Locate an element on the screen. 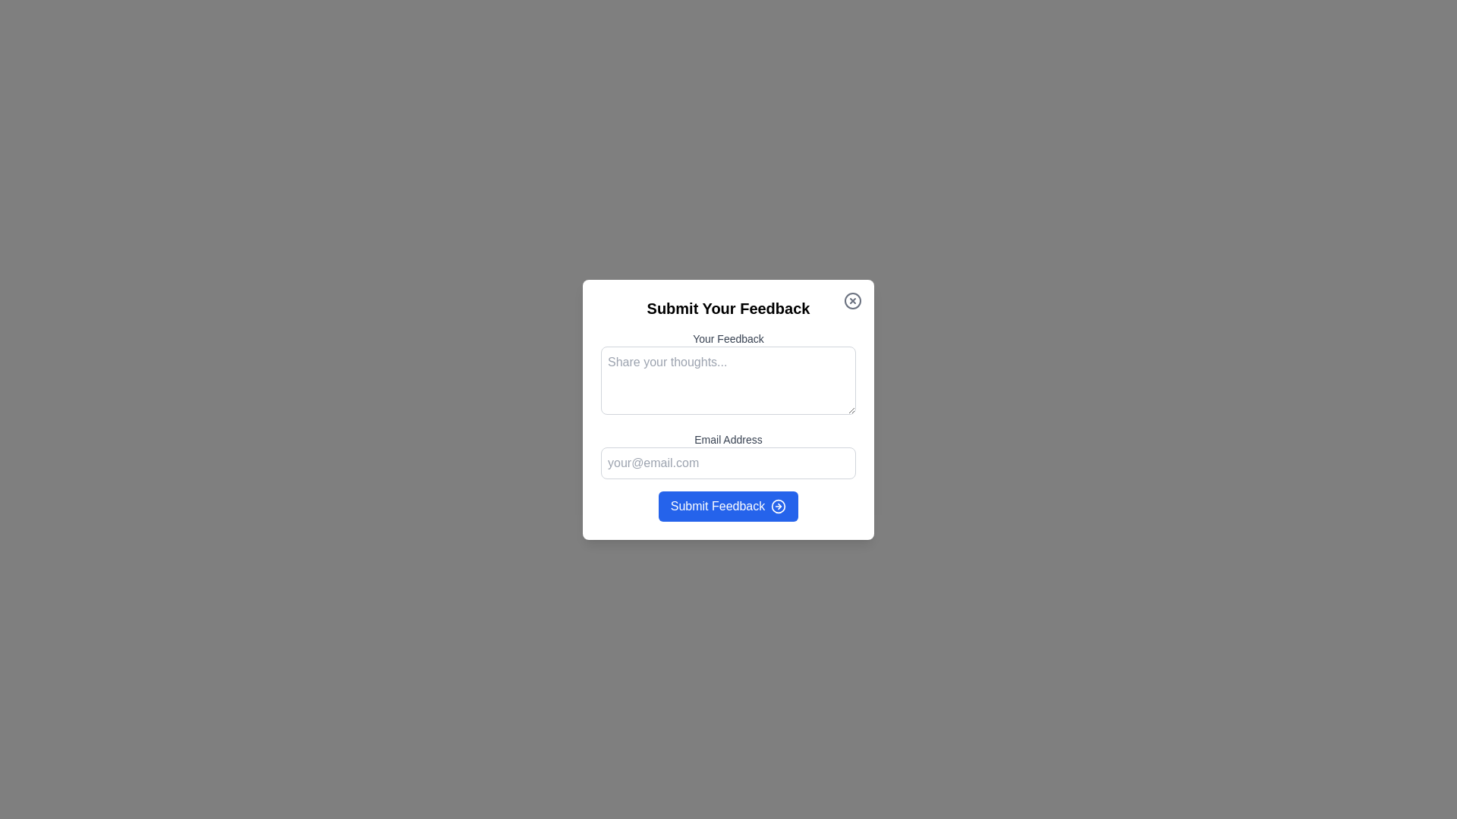  the textarea under 'Your Feedback' and type the feedback text is located at coordinates (728, 379).